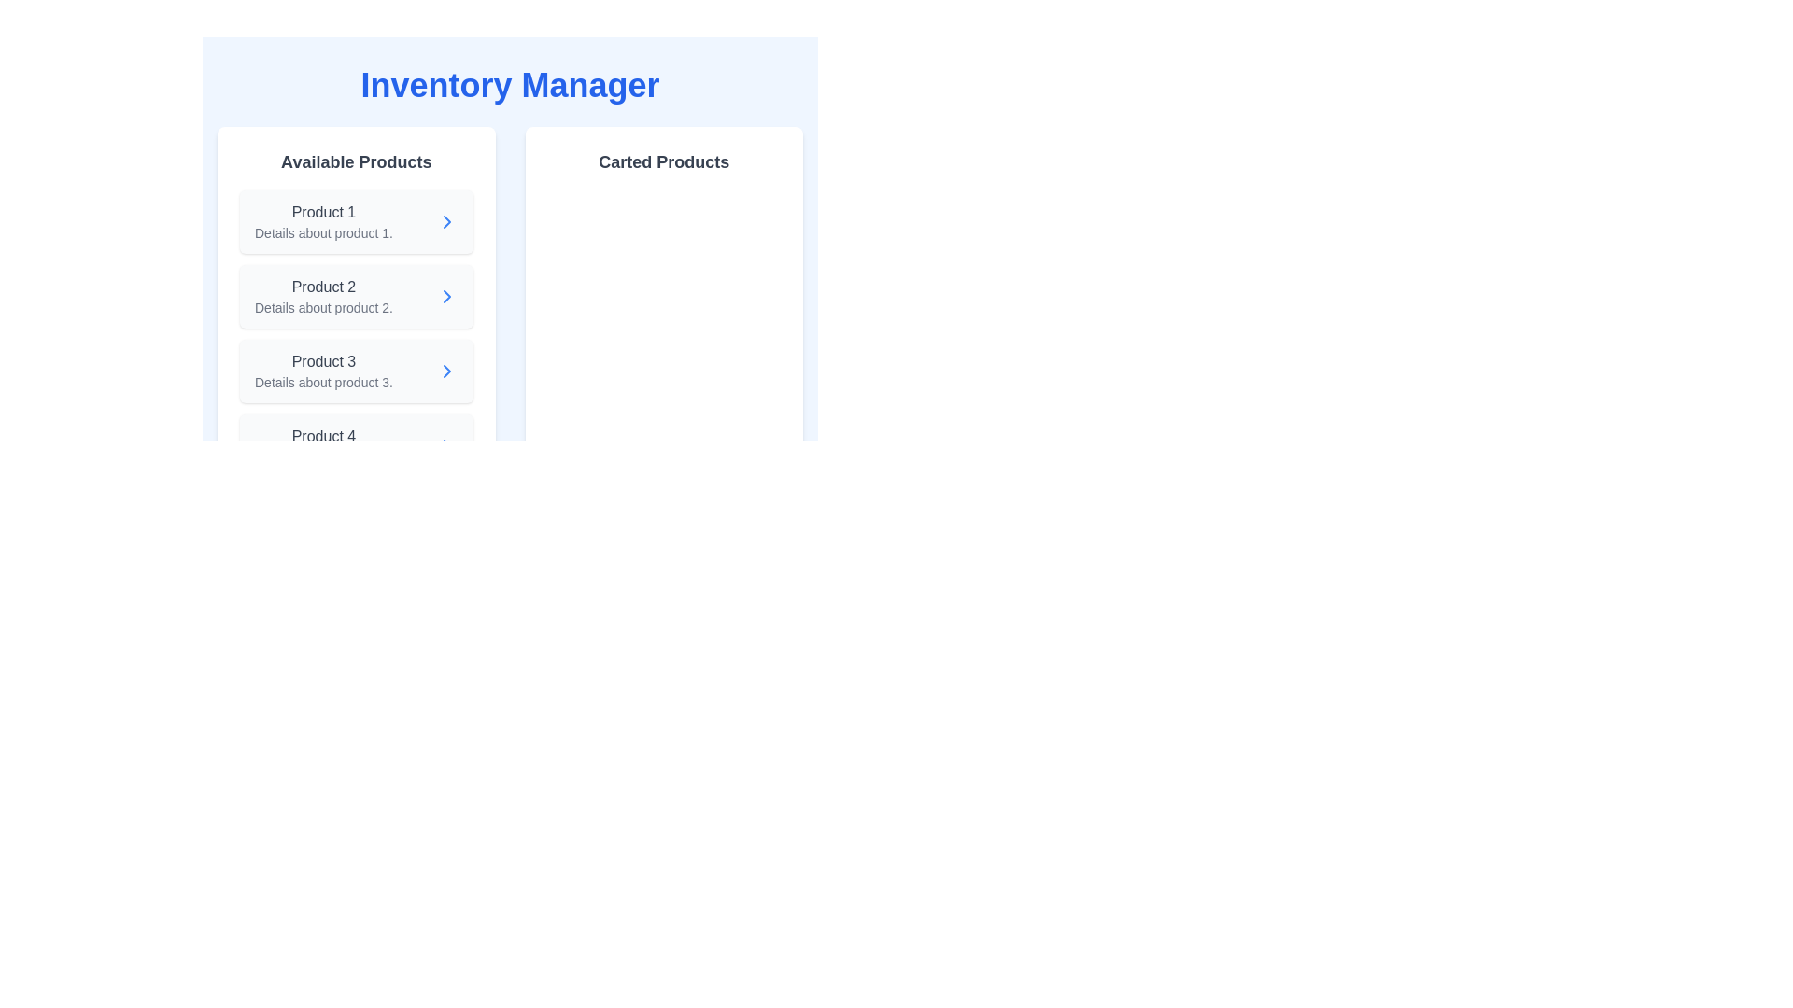  I want to click on the descriptive Text label for 'Product 2' located directly underneath the main label in the 'Available Products' section, so click(323, 307).